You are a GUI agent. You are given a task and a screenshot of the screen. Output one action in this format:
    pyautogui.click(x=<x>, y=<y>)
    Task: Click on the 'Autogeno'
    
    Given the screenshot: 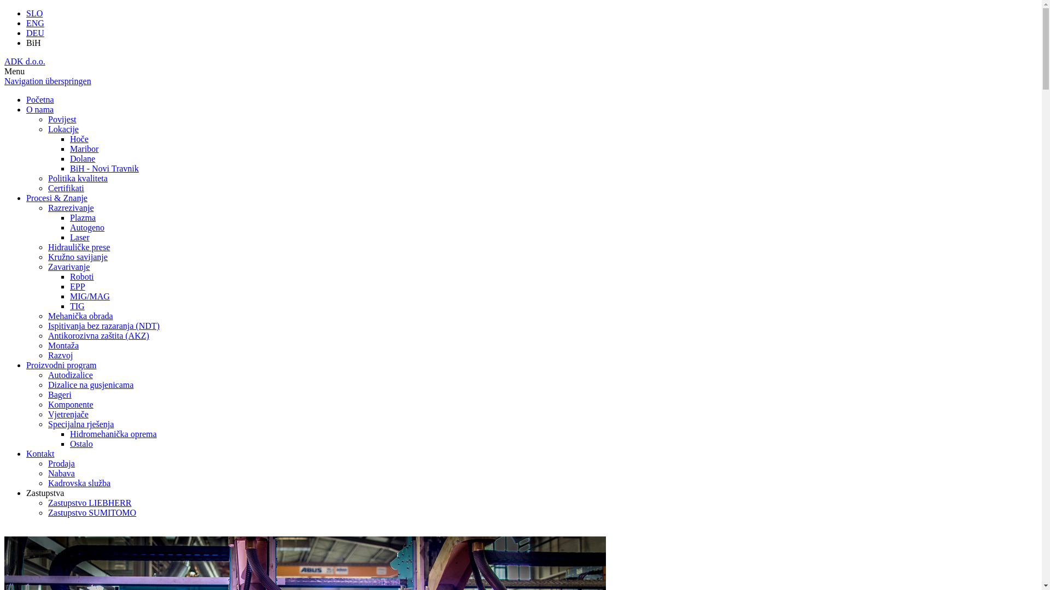 What is the action you would take?
    pyautogui.click(x=69, y=227)
    